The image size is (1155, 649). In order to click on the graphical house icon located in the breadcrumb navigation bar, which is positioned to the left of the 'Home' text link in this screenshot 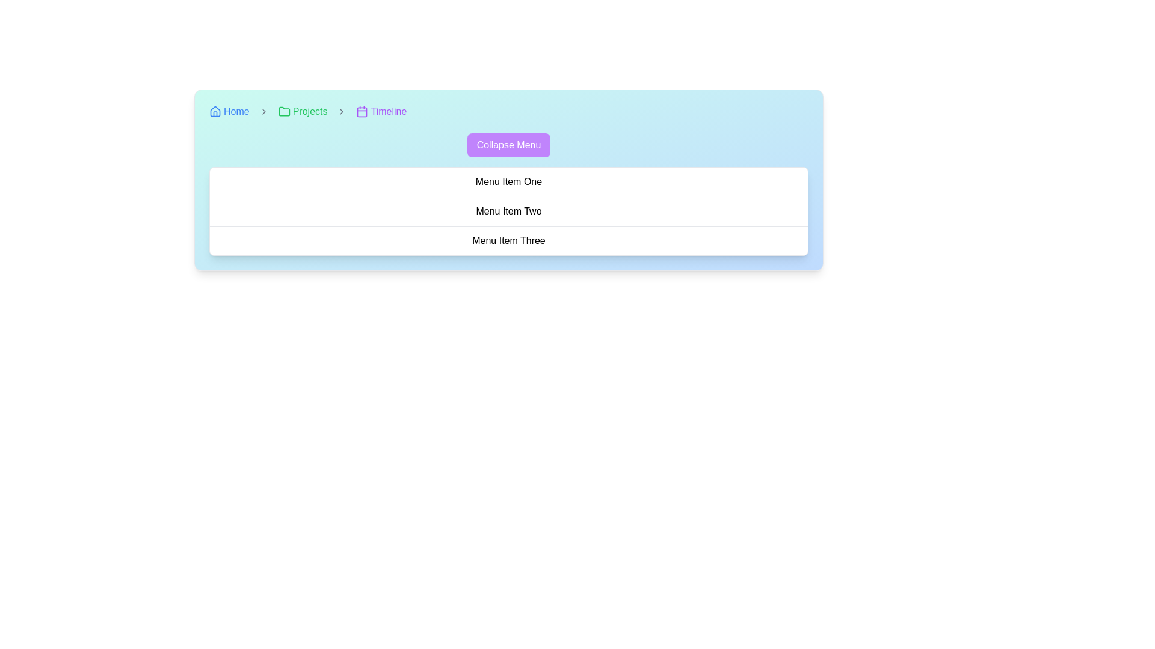, I will do `click(215, 111)`.